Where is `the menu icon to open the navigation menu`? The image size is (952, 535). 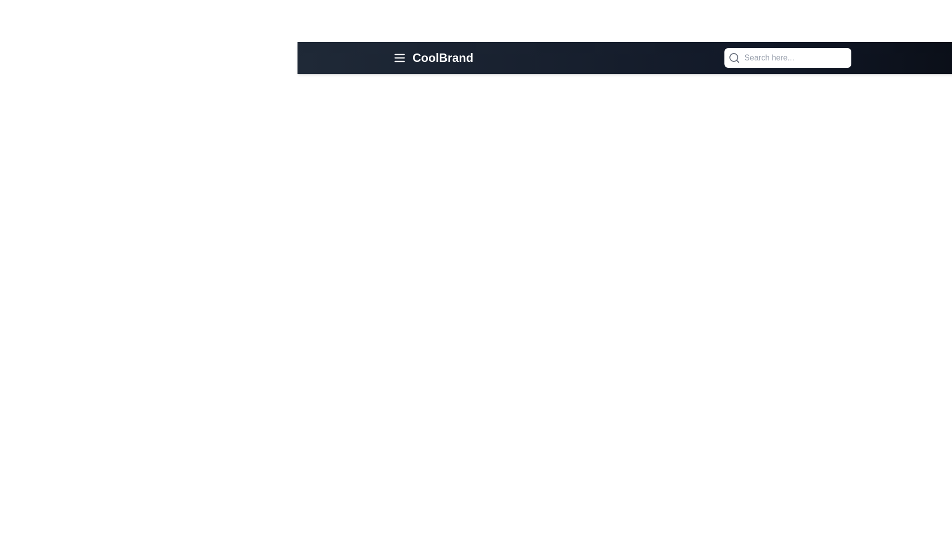
the menu icon to open the navigation menu is located at coordinates (400, 57).